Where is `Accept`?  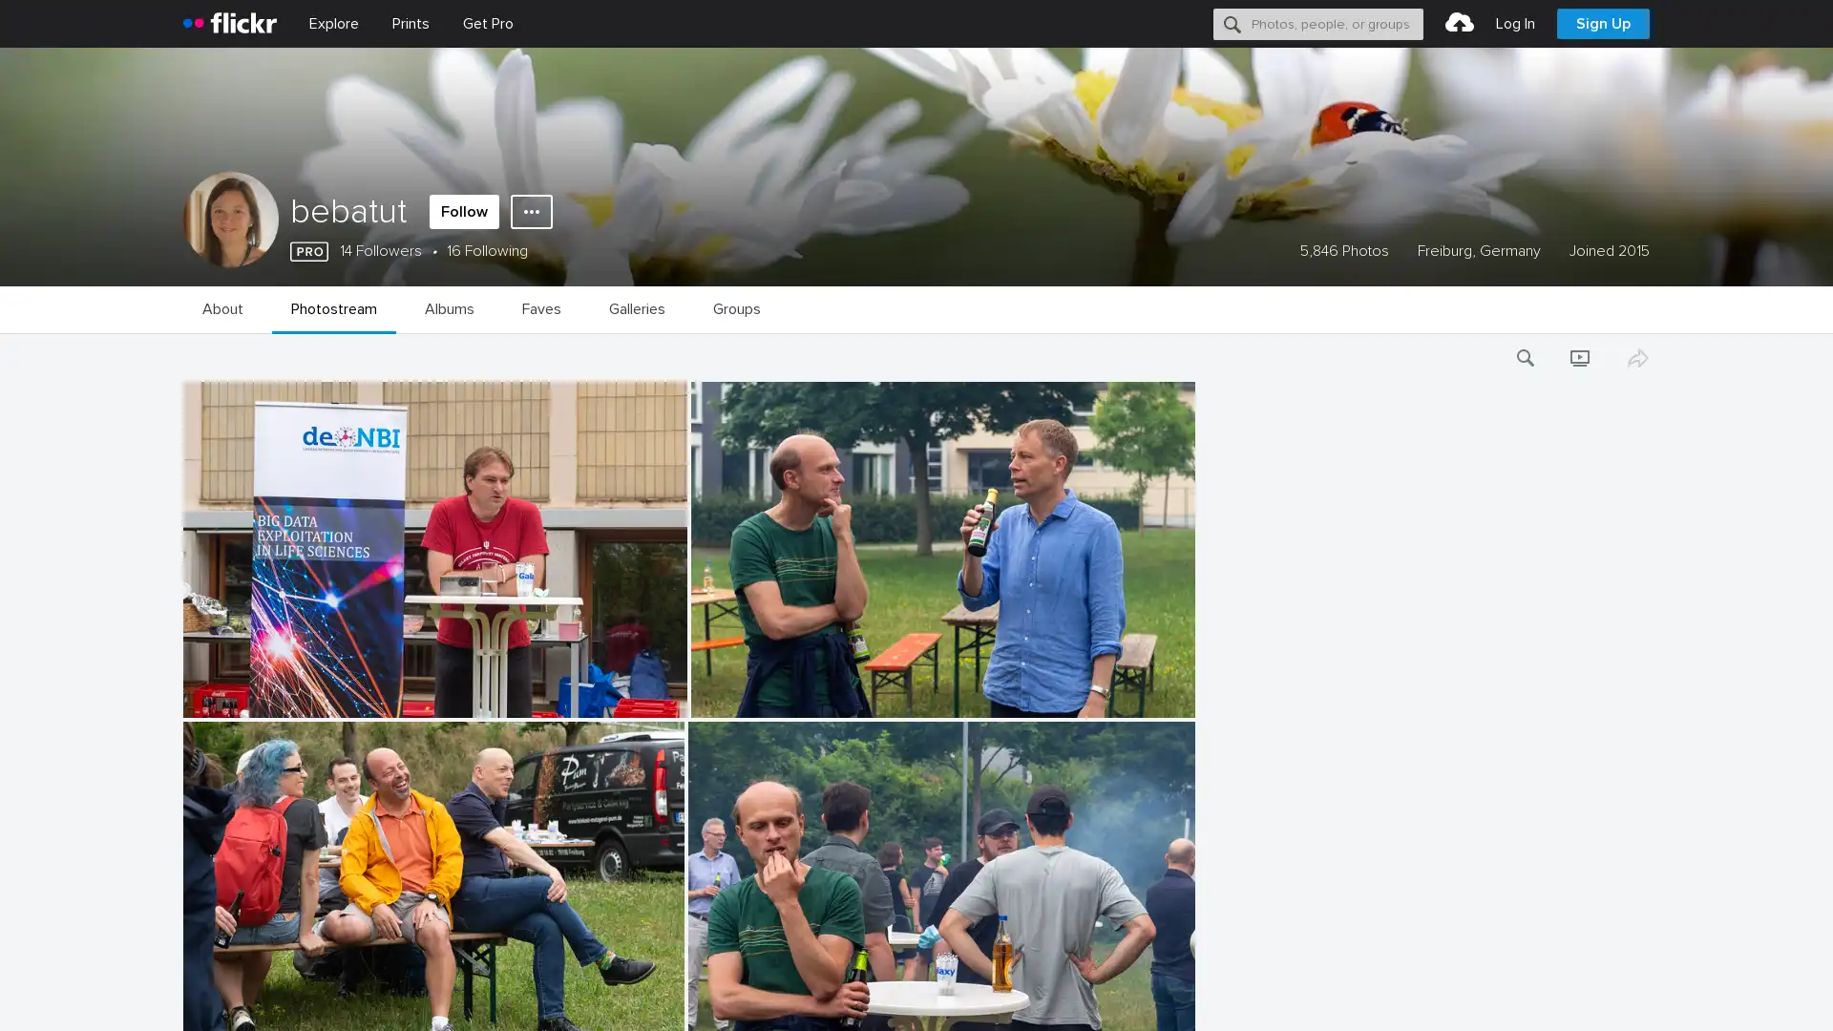 Accept is located at coordinates (1456, 994).